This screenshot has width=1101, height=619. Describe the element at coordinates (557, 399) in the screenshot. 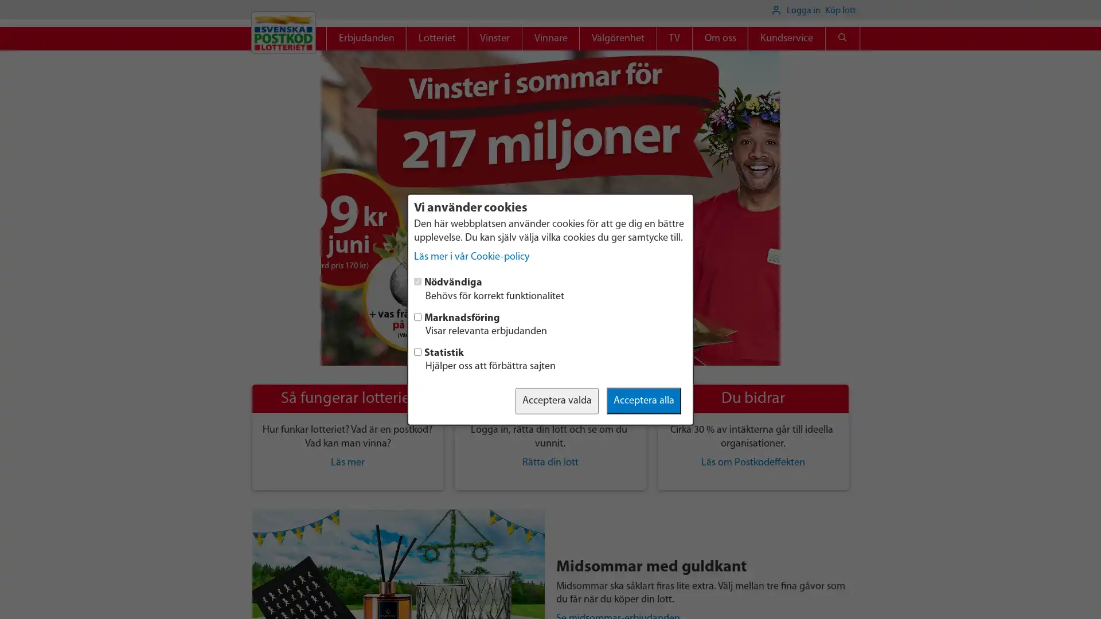

I see `Acceptera valda` at that location.